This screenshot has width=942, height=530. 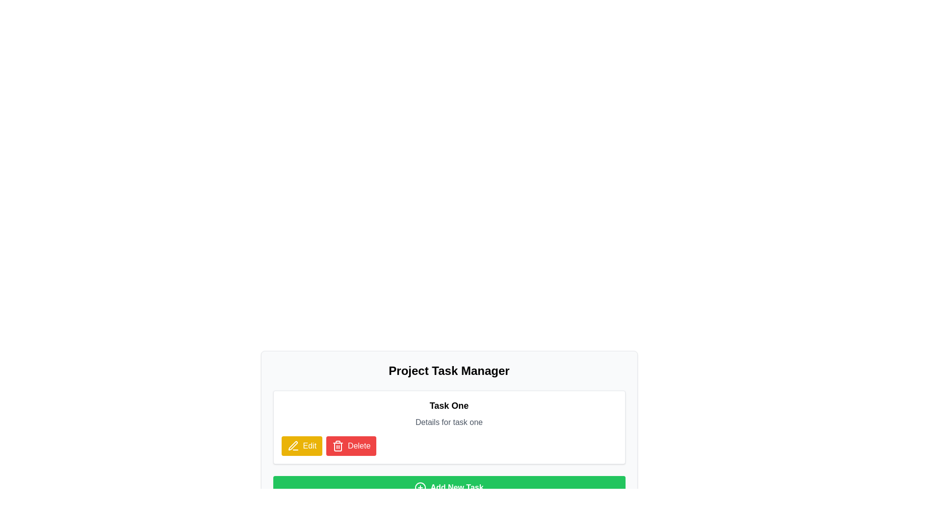 What do you see at coordinates (448, 422) in the screenshot?
I see `the text label containing the phrase 'Details for task one', which is visually represented in a lighter gray font and positioned below the 'Task One' heading` at bounding box center [448, 422].